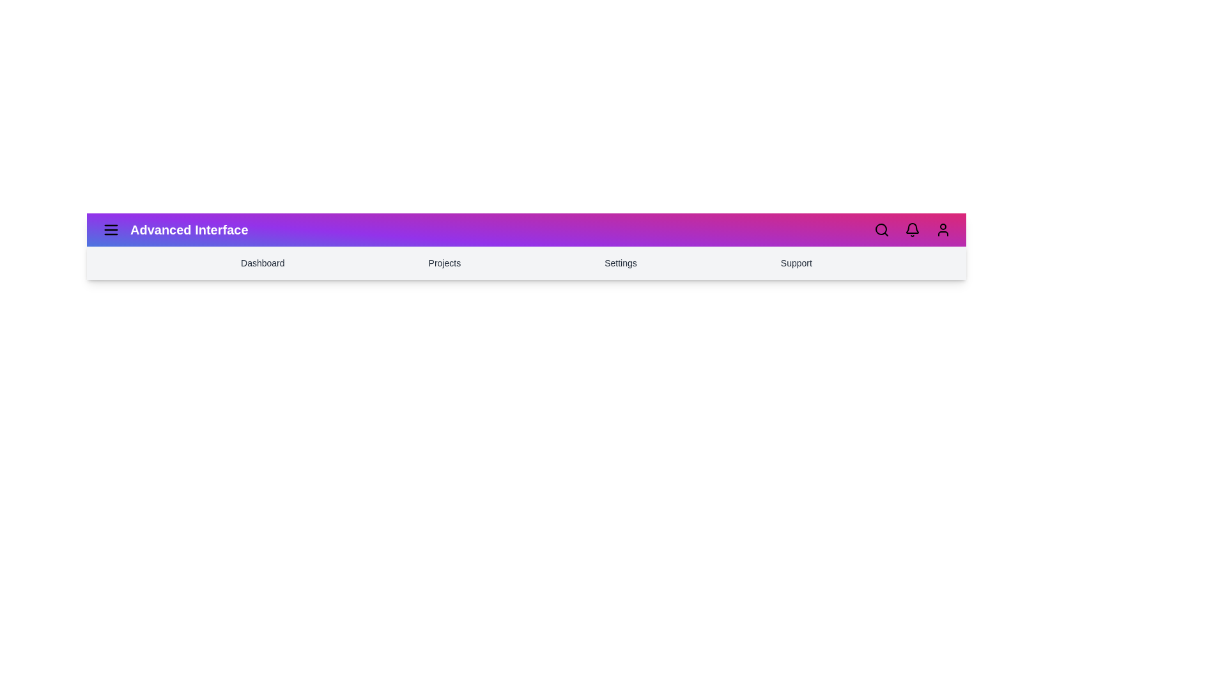  Describe the element at coordinates (881, 229) in the screenshot. I see `the 'Search' icon to initiate a search action` at that location.